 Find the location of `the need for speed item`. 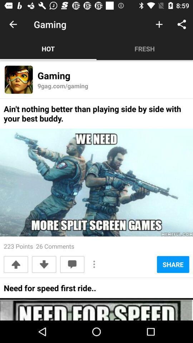

the need for speed item is located at coordinates (49, 290).